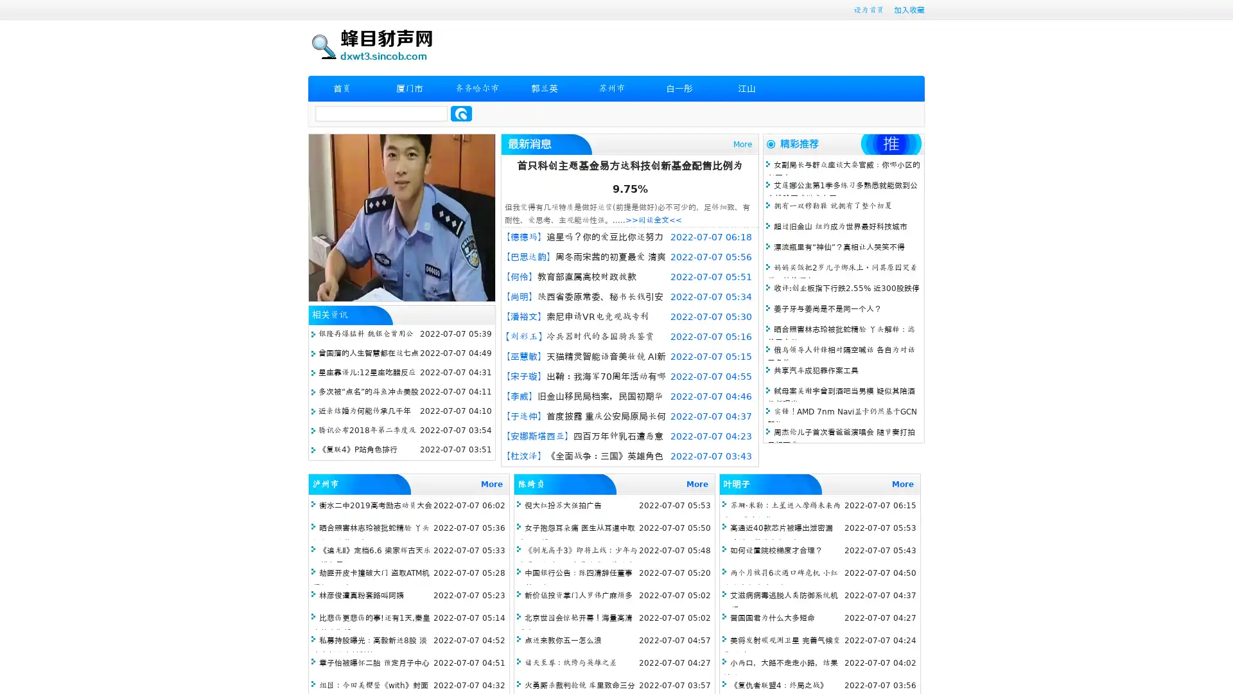 This screenshot has width=1233, height=694. What do you see at coordinates (461, 113) in the screenshot?
I see `Search` at bounding box center [461, 113].